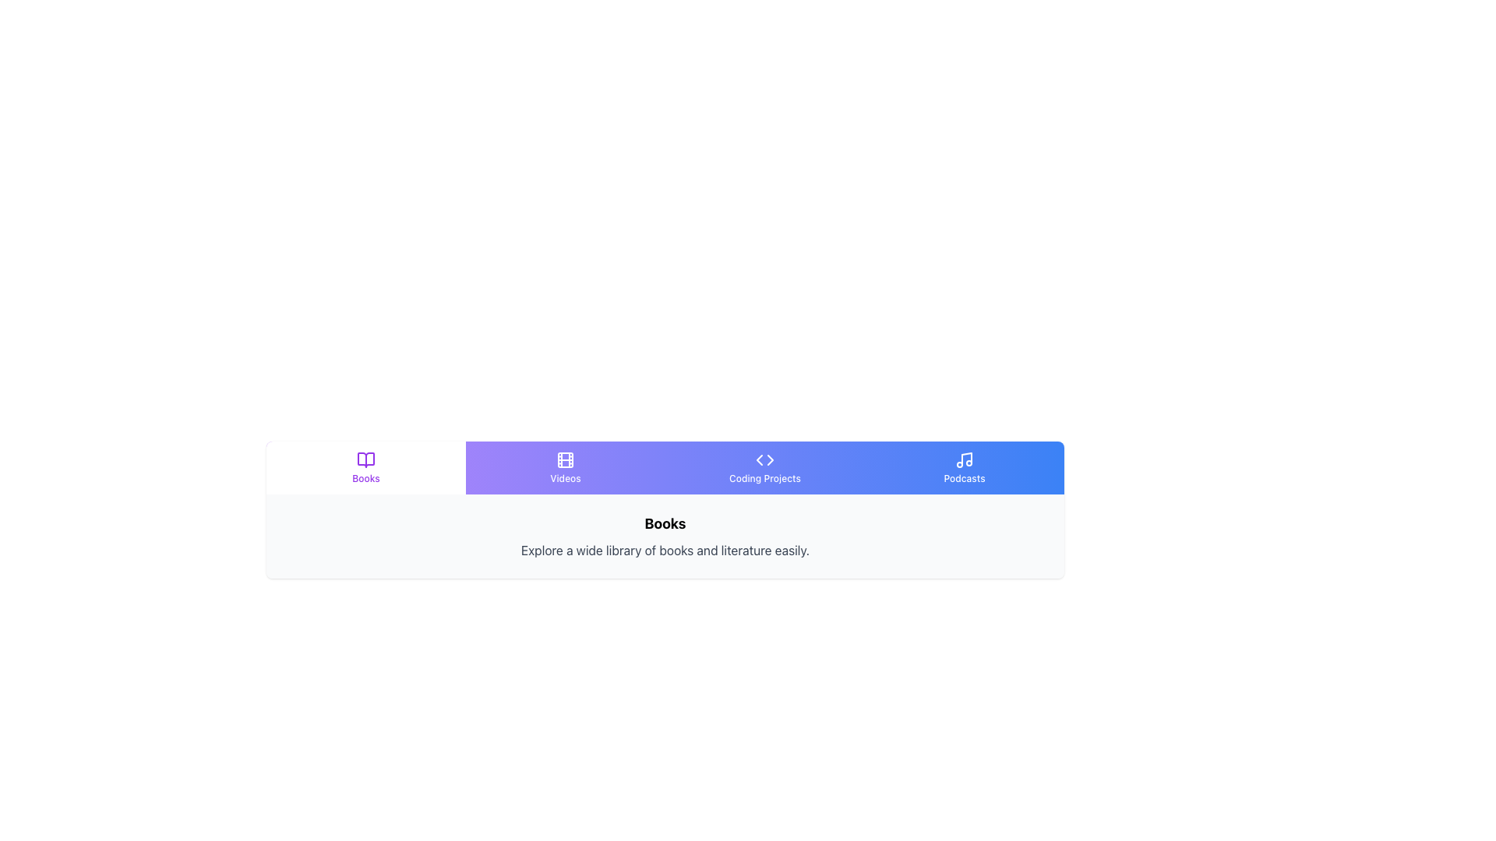  Describe the element at coordinates (765, 477) in the screenshot. I see `the 'Coding Projects' text label, which is styled with a small font size and medium weight, located beneath the coding icon in the navigation bar` at that location.